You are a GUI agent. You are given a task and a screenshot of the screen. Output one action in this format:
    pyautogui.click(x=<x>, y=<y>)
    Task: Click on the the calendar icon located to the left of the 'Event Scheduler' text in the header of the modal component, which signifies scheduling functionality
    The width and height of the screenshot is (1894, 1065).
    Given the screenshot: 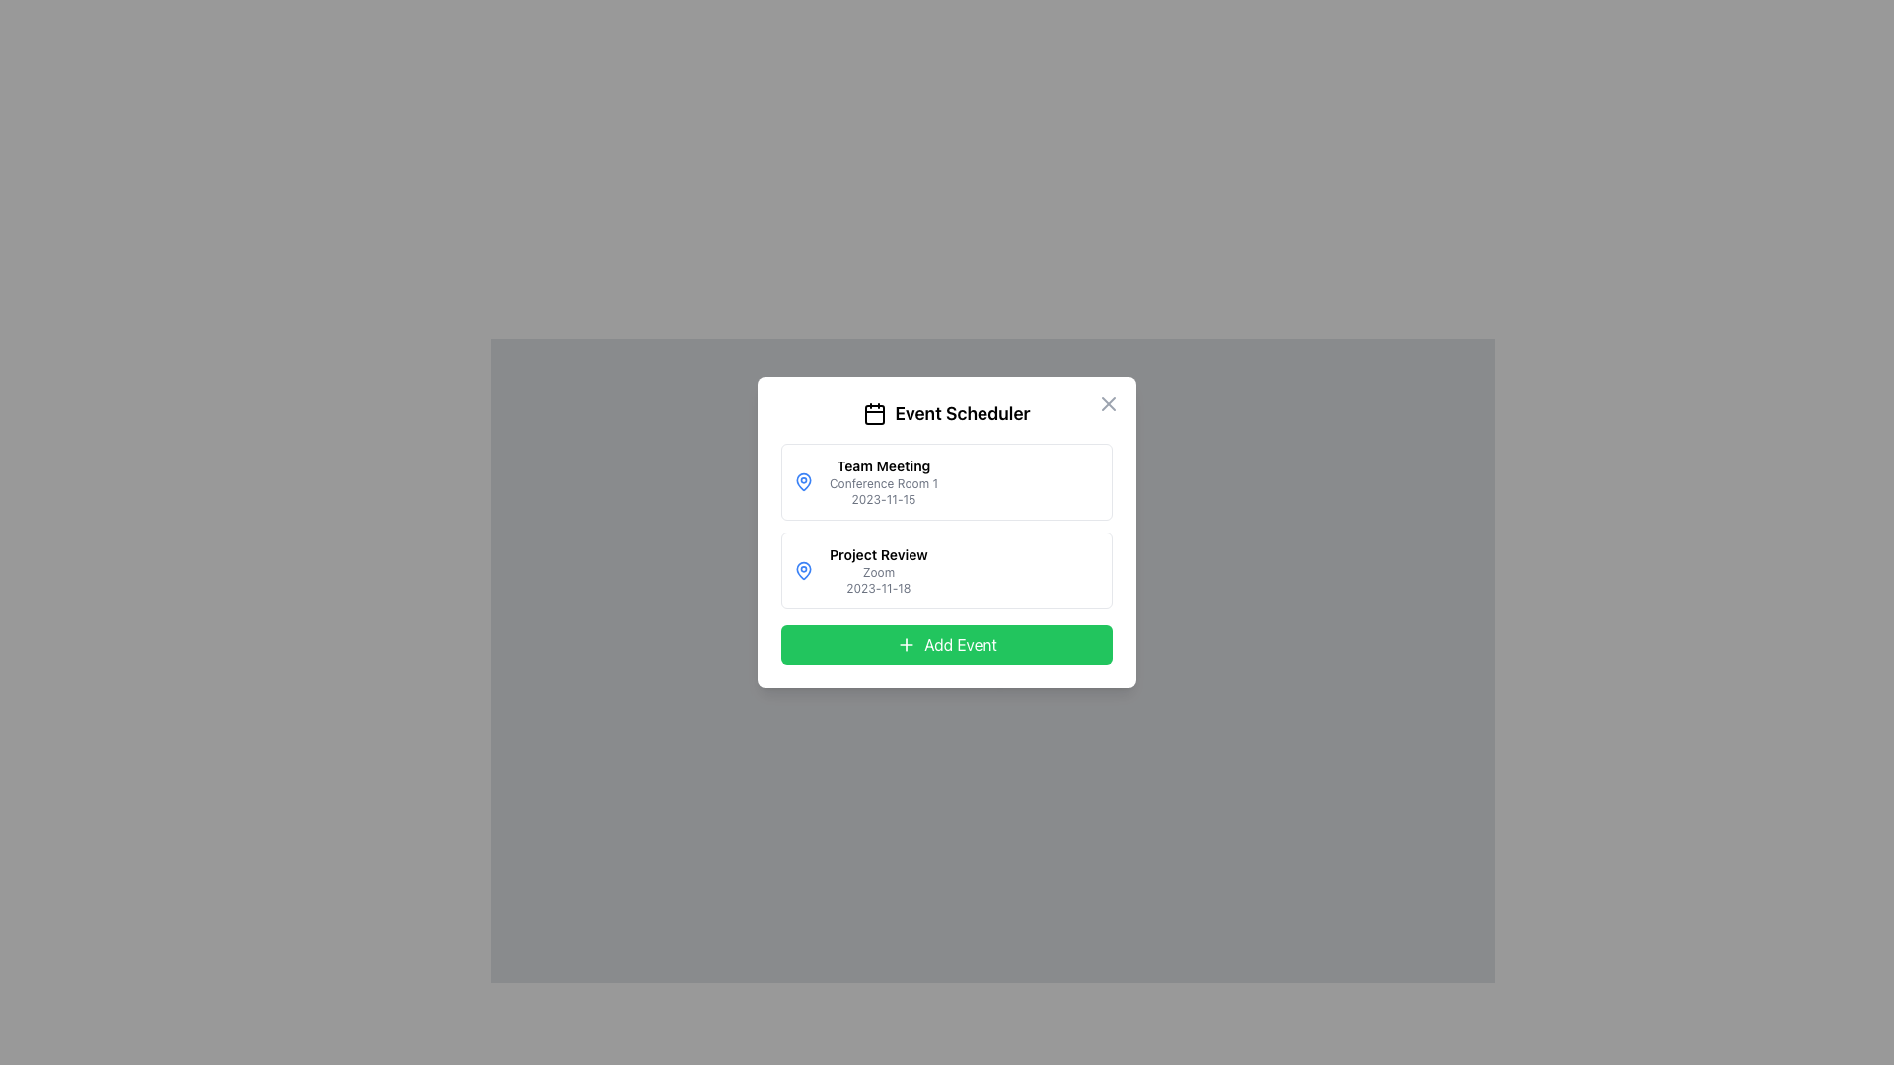 What is the action you would take?
    pyautogui.click(x=874, y=413)
    